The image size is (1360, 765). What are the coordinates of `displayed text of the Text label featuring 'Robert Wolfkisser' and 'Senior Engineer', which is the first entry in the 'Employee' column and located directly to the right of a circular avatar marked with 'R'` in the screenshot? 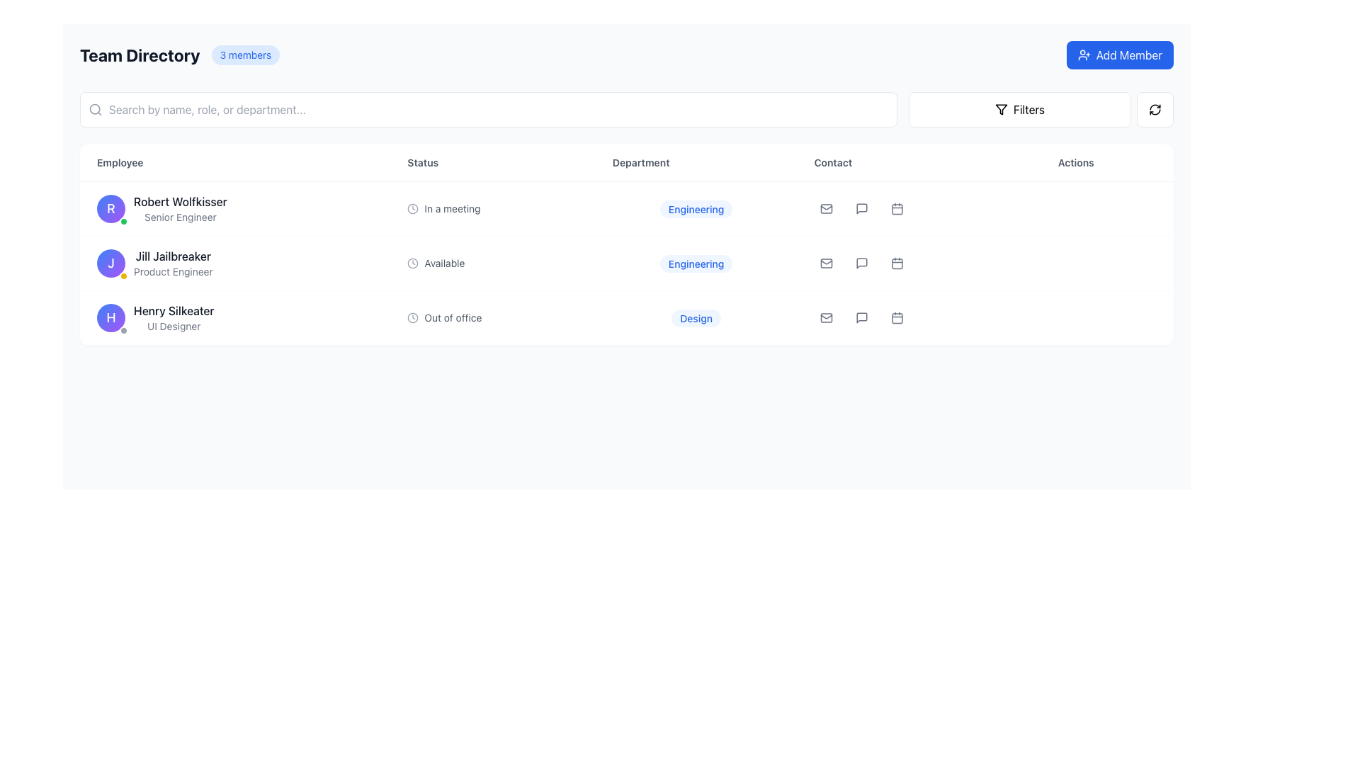 It's located at (179, 208).